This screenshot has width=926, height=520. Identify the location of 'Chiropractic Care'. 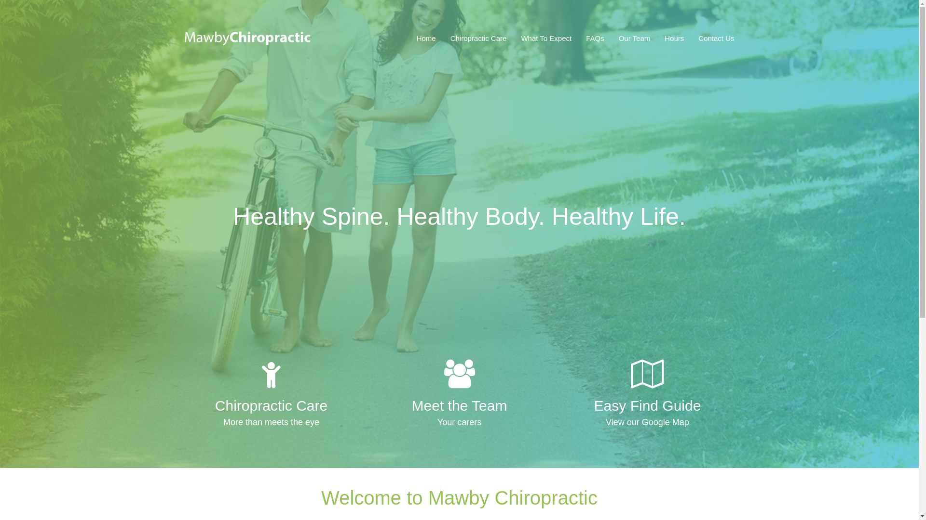
(478, 38).